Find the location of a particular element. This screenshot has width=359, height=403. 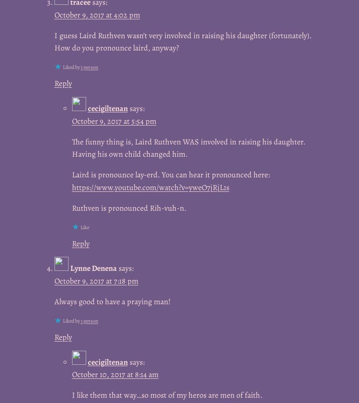

'Always good to have a praying man!' is located at coordinates (112, 301).